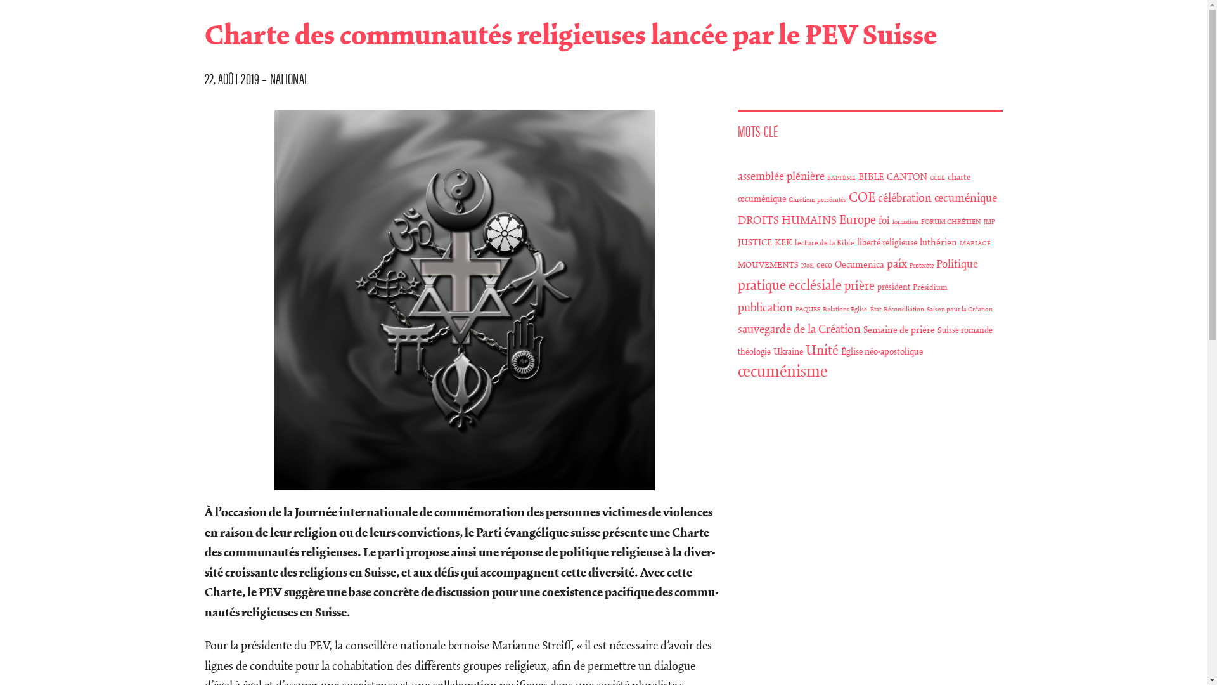 Image resolution: width=1217 pixels, height=685 pixels. Describe the element at coordinates (767, 264) in the screenshot. I see `'MOUVEMENTS'` at that location.